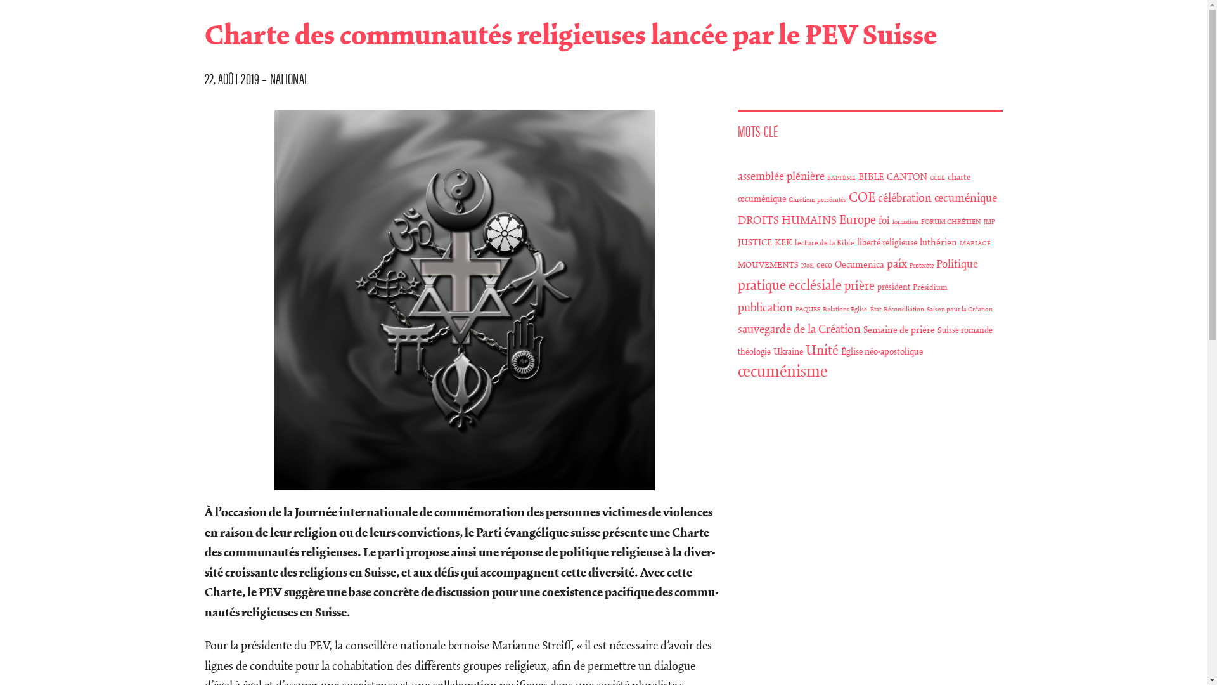 Image resolution: width=1217 pixels, height=685 pixels. Describe the element at coordinates (767, 264) in the screenshot. I see `'MOUVEMENTS'` at that location.